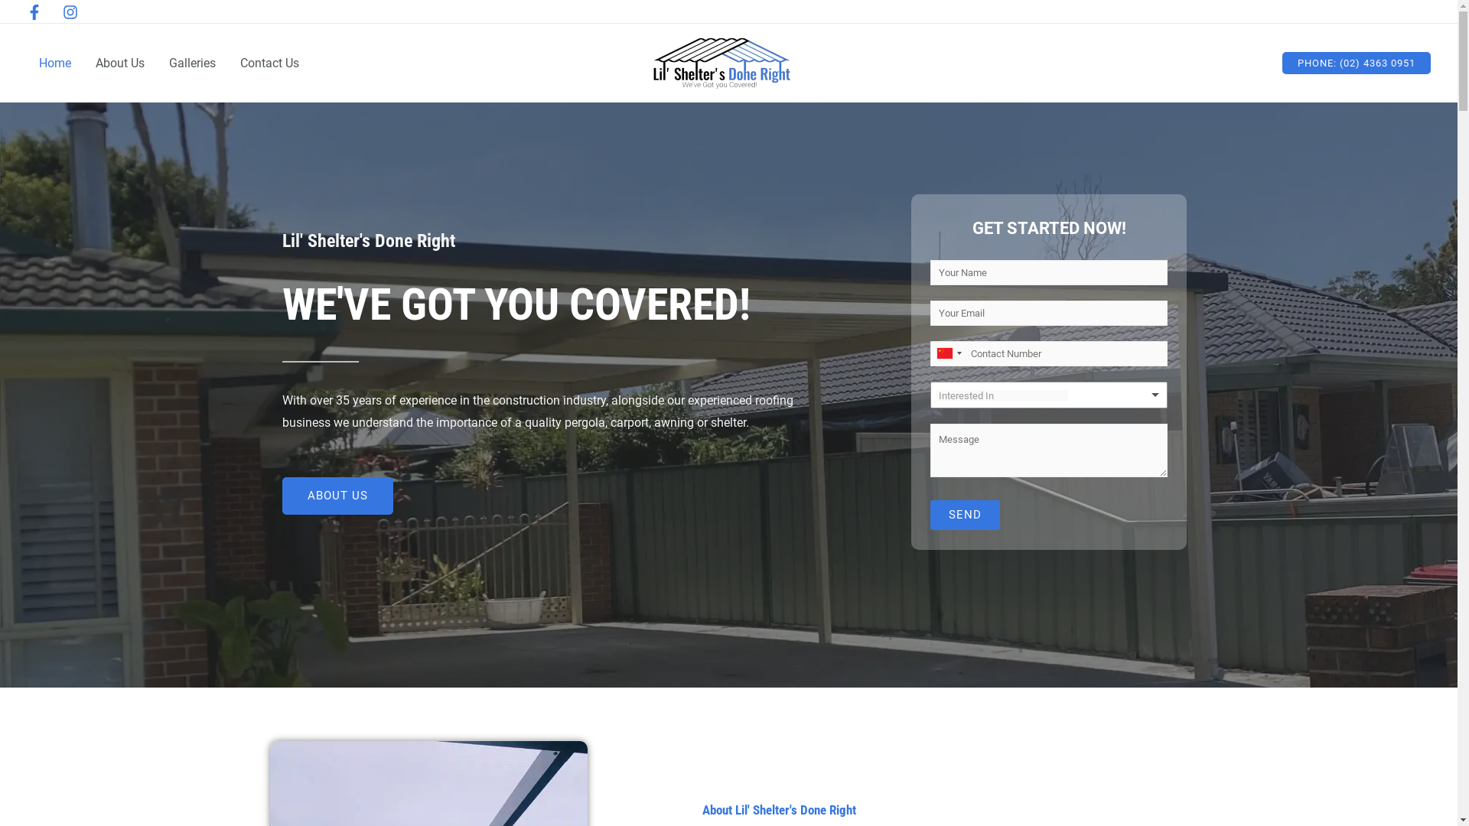 The width and height of the screenshot is (1469, 826). What do you see at coordinates (337, 496) in the screenshot?
I see `'ABOUT US'` at bounding box center [337, 496].